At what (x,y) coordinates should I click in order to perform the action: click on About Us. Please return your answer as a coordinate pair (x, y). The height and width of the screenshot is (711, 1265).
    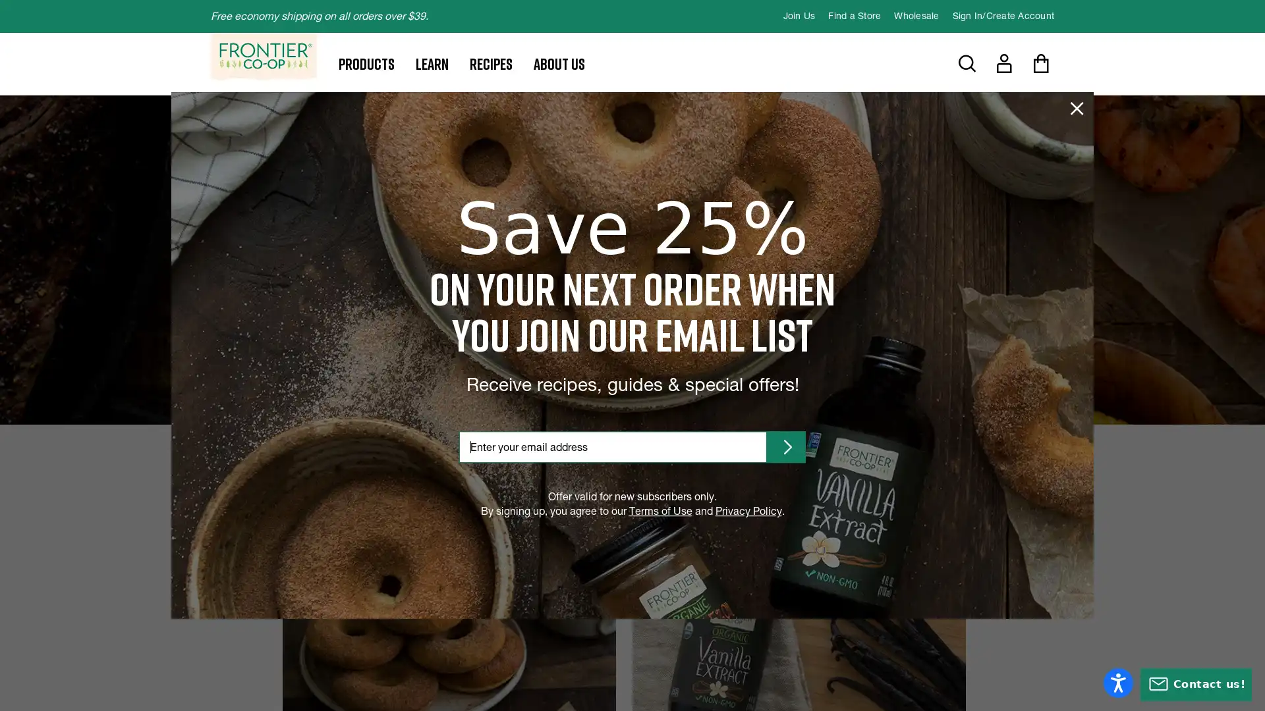
    Looking at the image, I should click on (559, 63).